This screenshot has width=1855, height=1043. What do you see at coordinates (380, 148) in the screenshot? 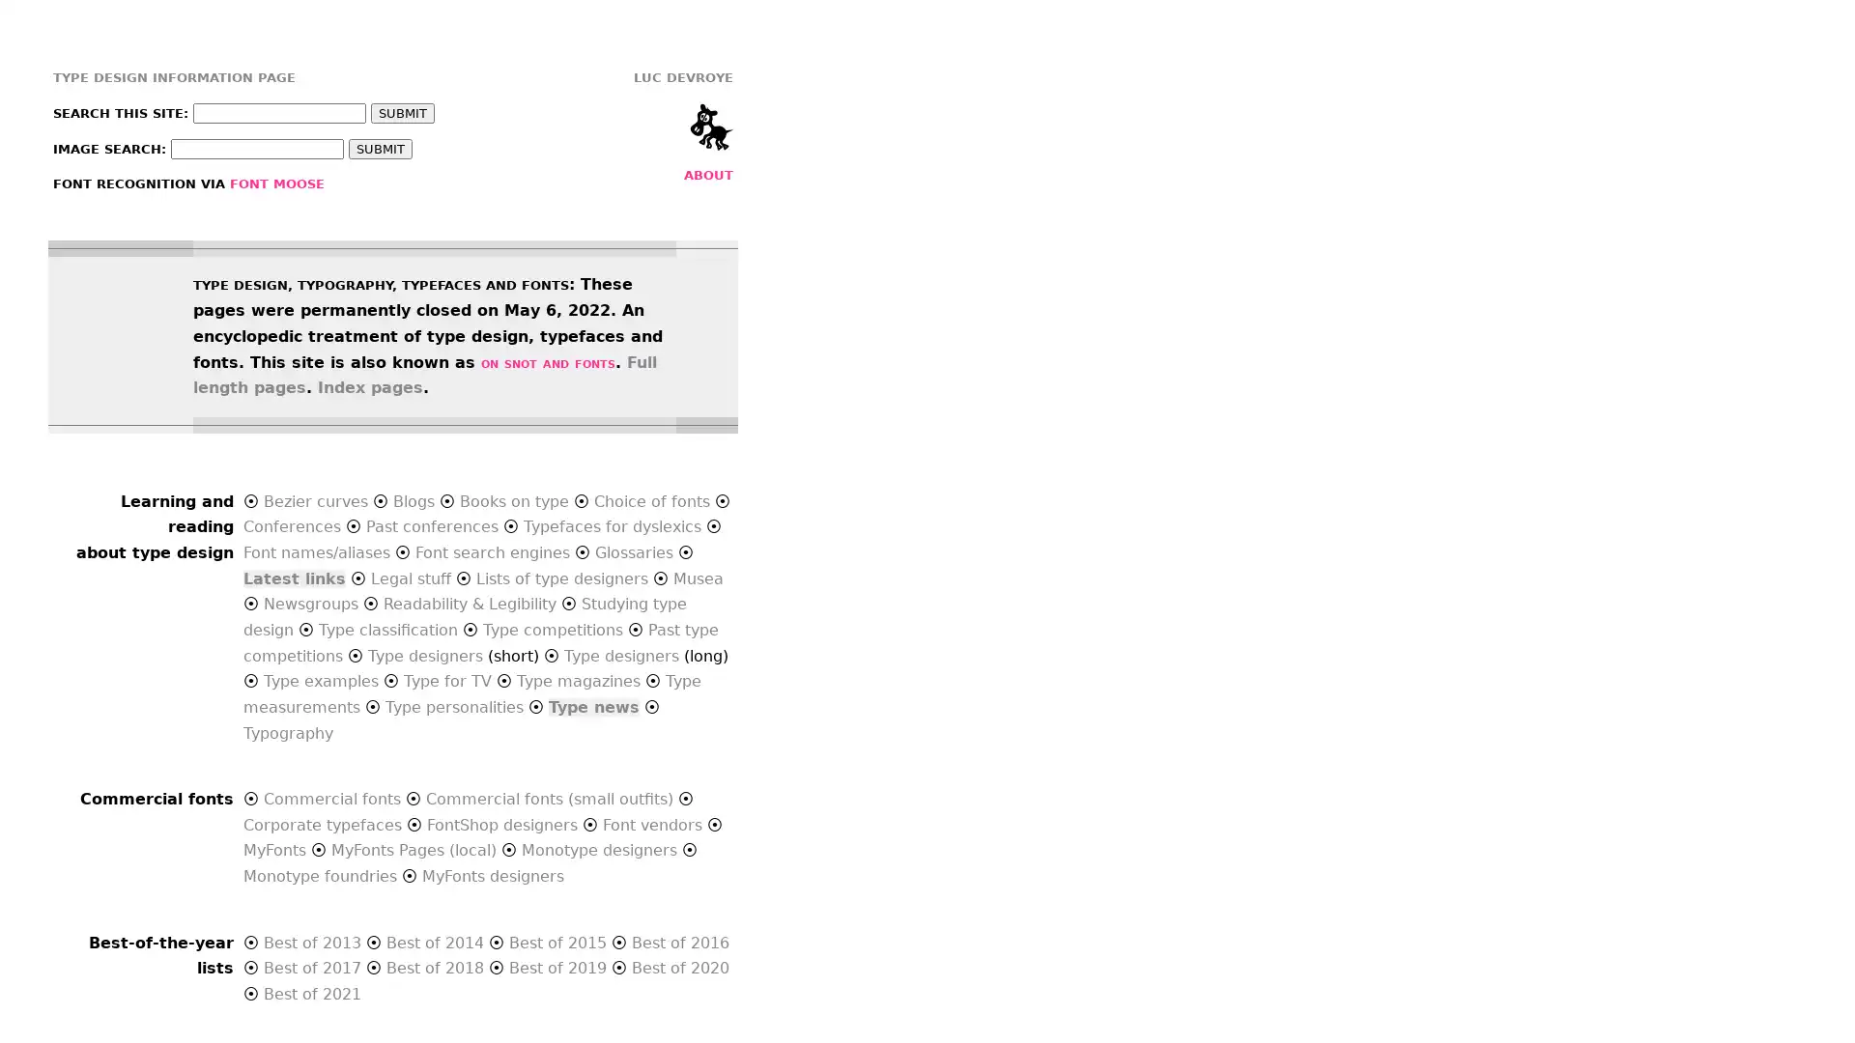
I see `SUBMIT` at bounding box center [380, 148].